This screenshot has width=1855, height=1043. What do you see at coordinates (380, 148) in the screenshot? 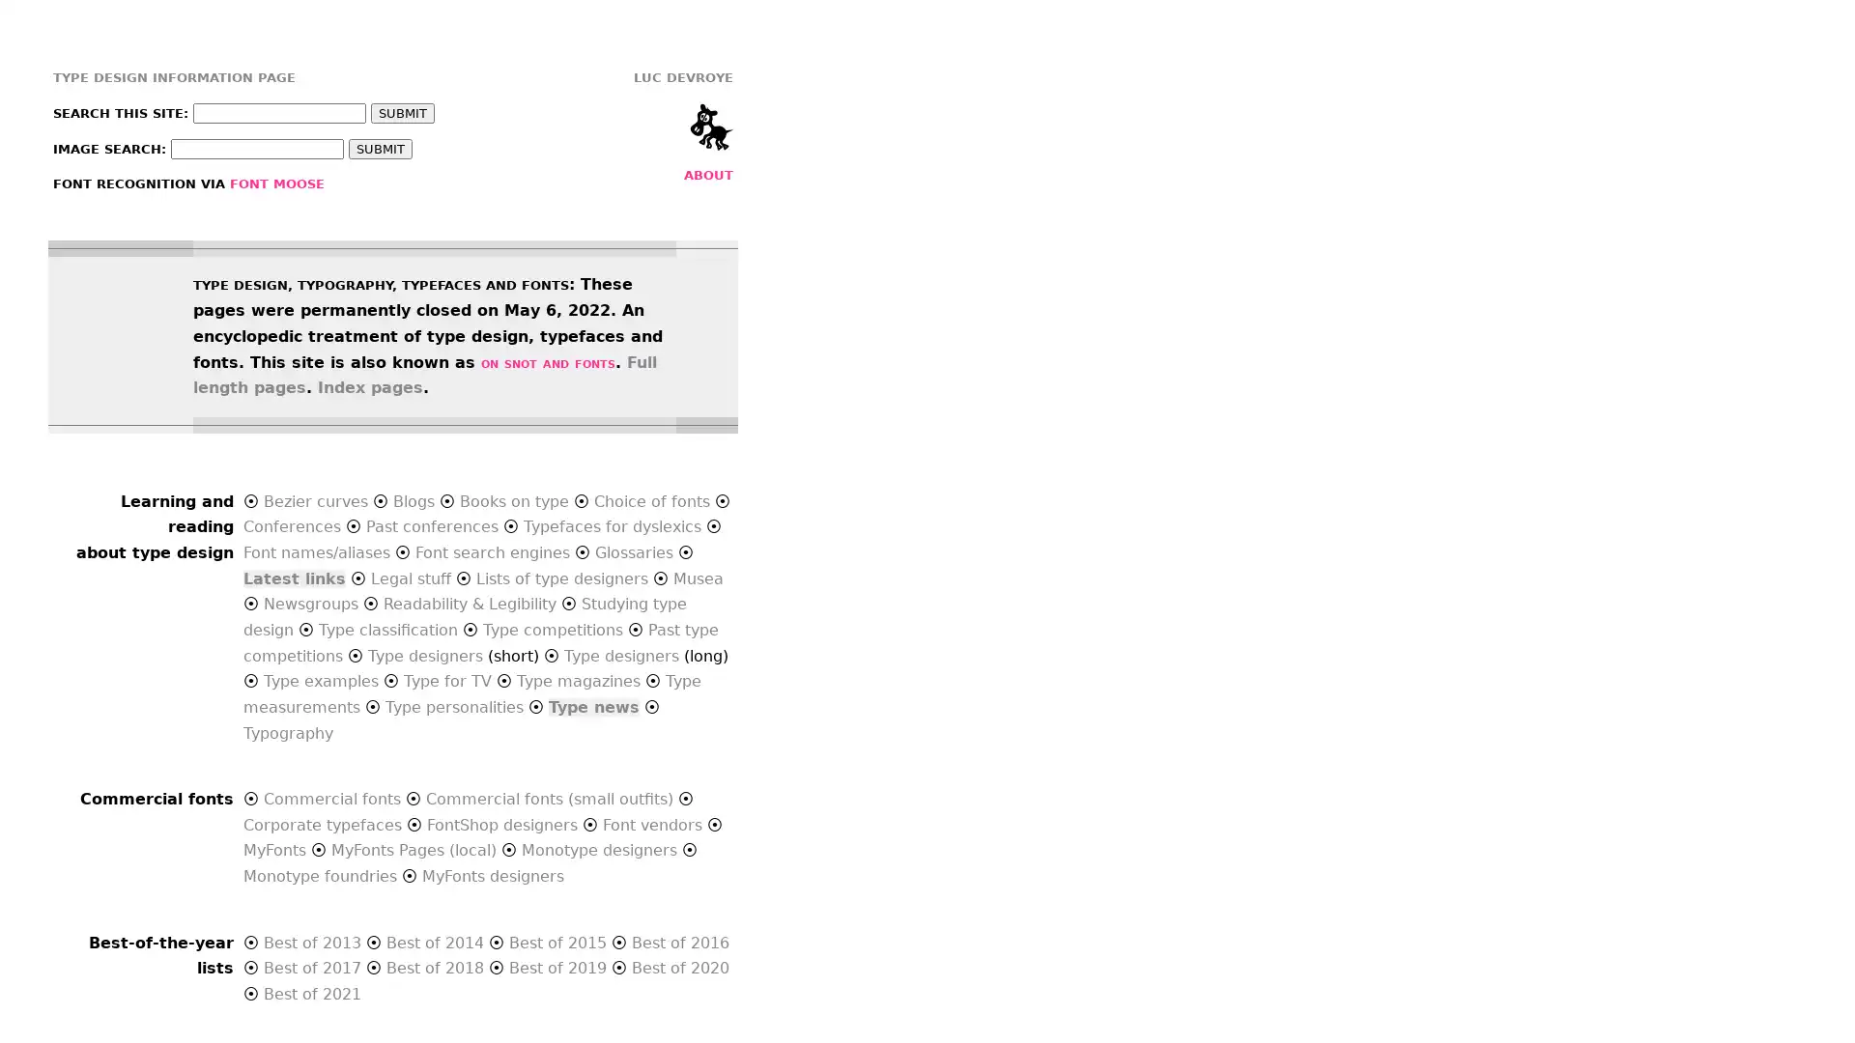
I see `SUBMIT` at bounding box center [380, 148].